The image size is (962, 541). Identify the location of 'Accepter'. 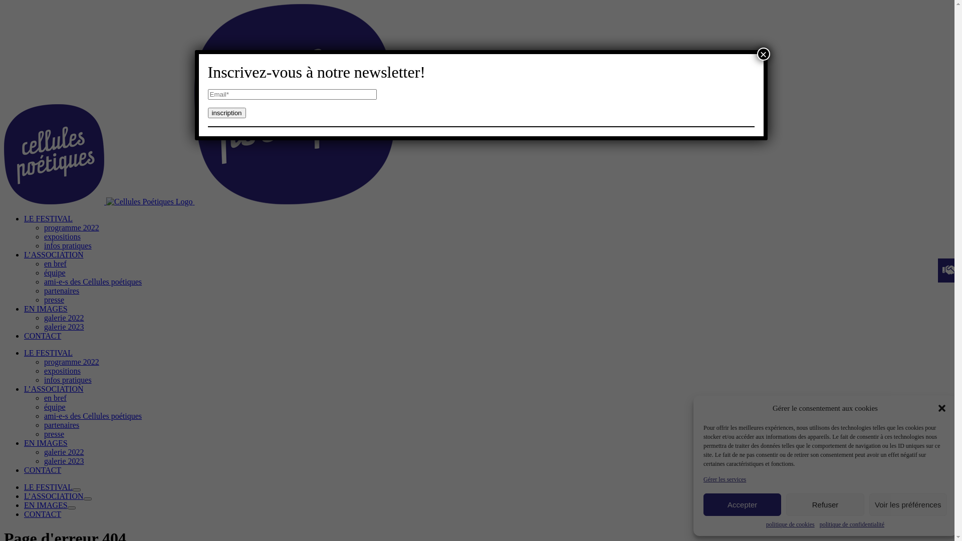
(742, 504).